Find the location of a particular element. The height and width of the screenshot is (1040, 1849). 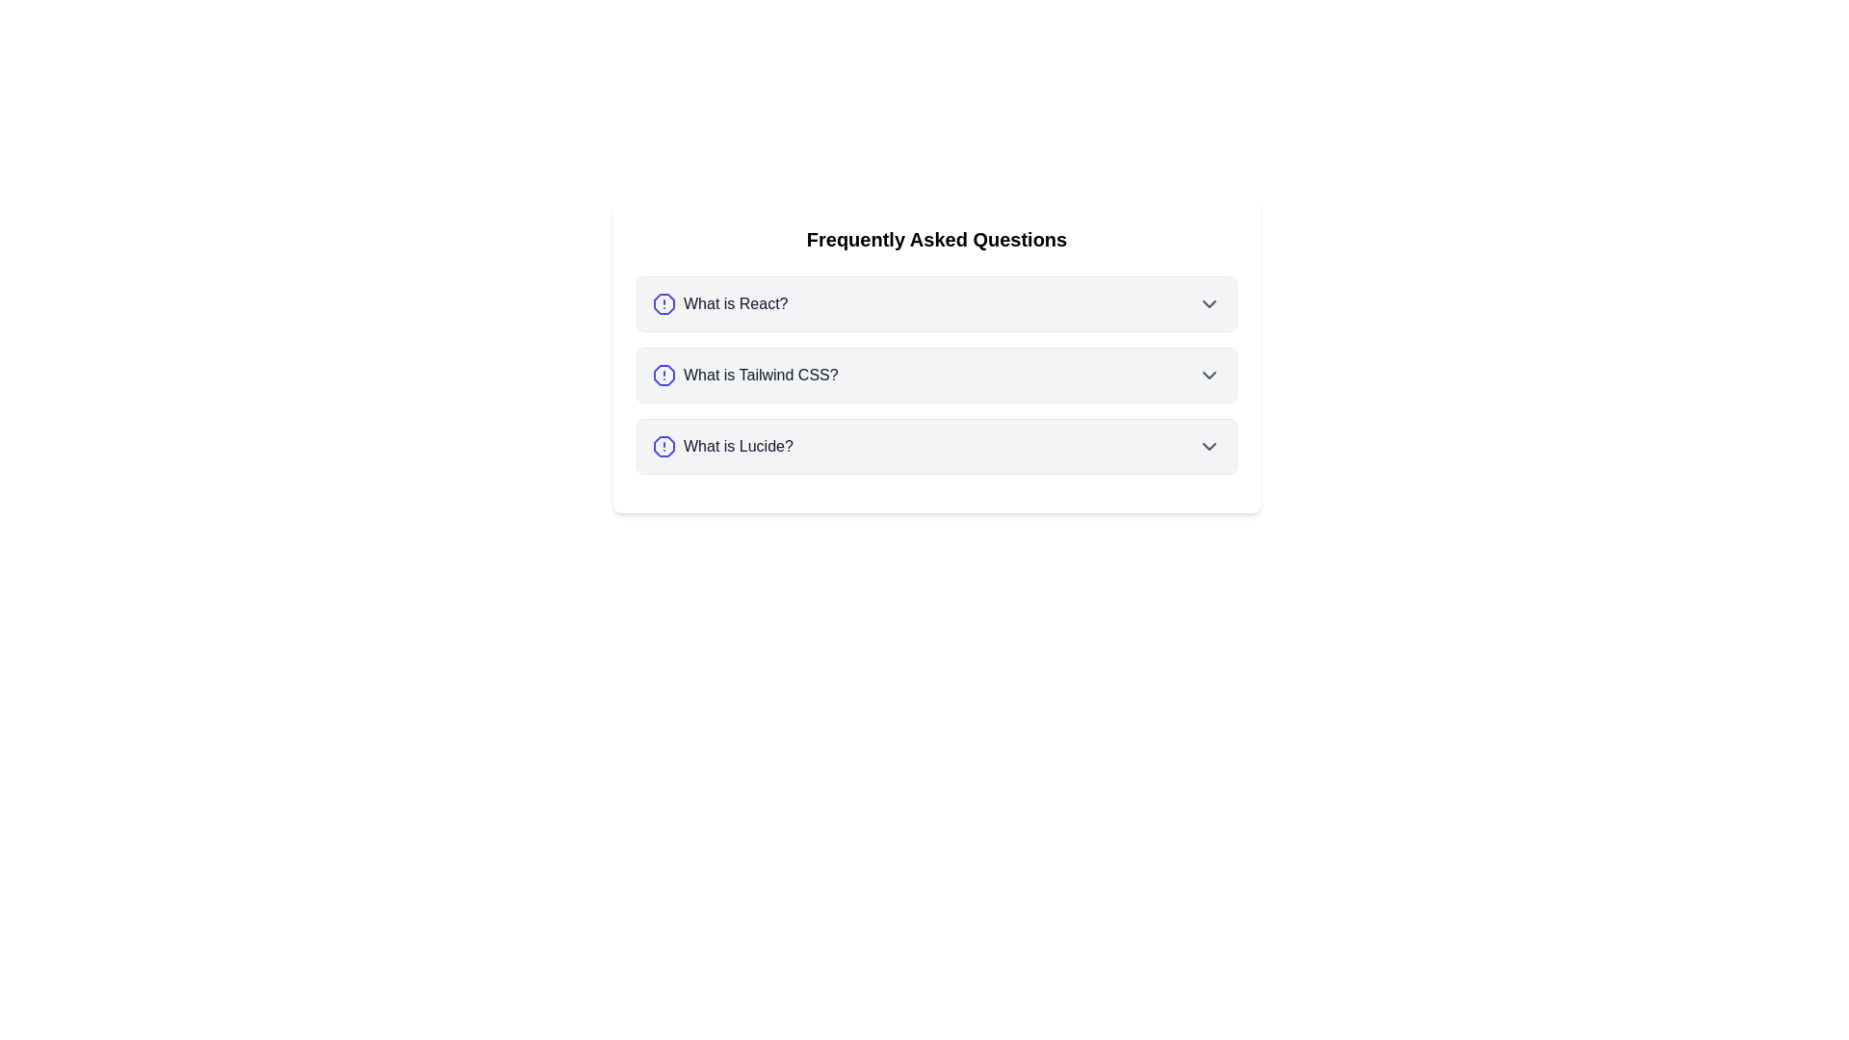

the third question in the Interactive FAQ section is located at coordinates (721, 446).